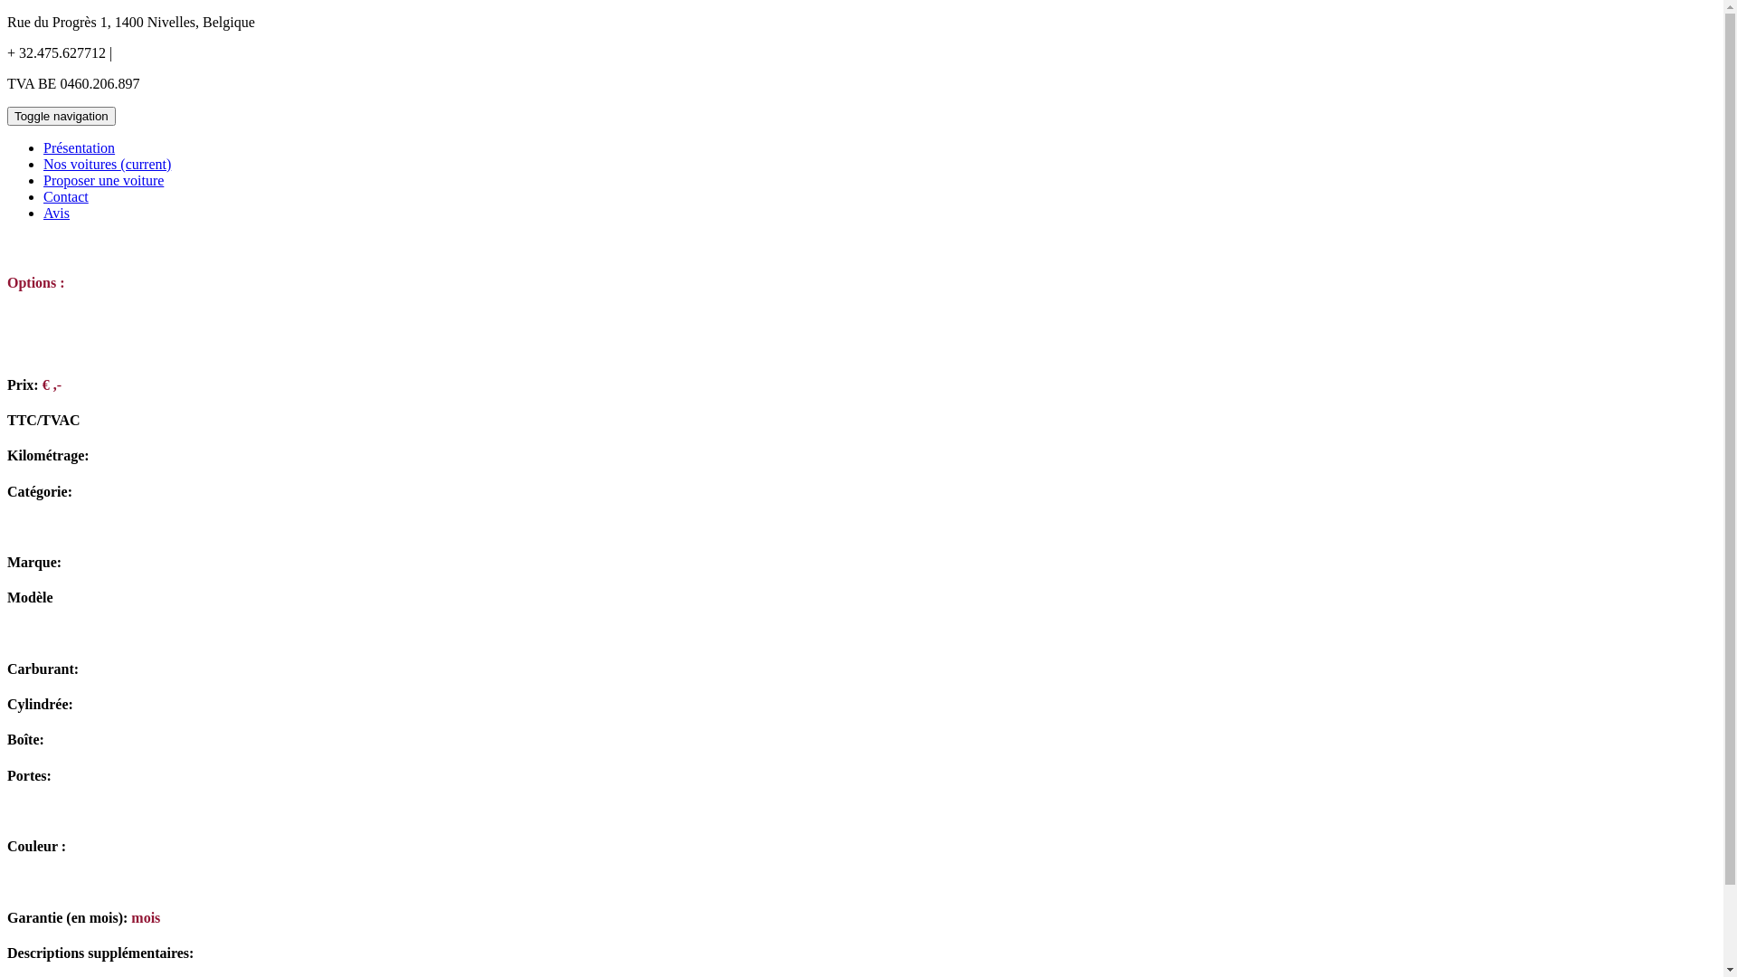  Describe the element at coordinates (65, 196) in the screenshot. I see `'Contact'` at that location.